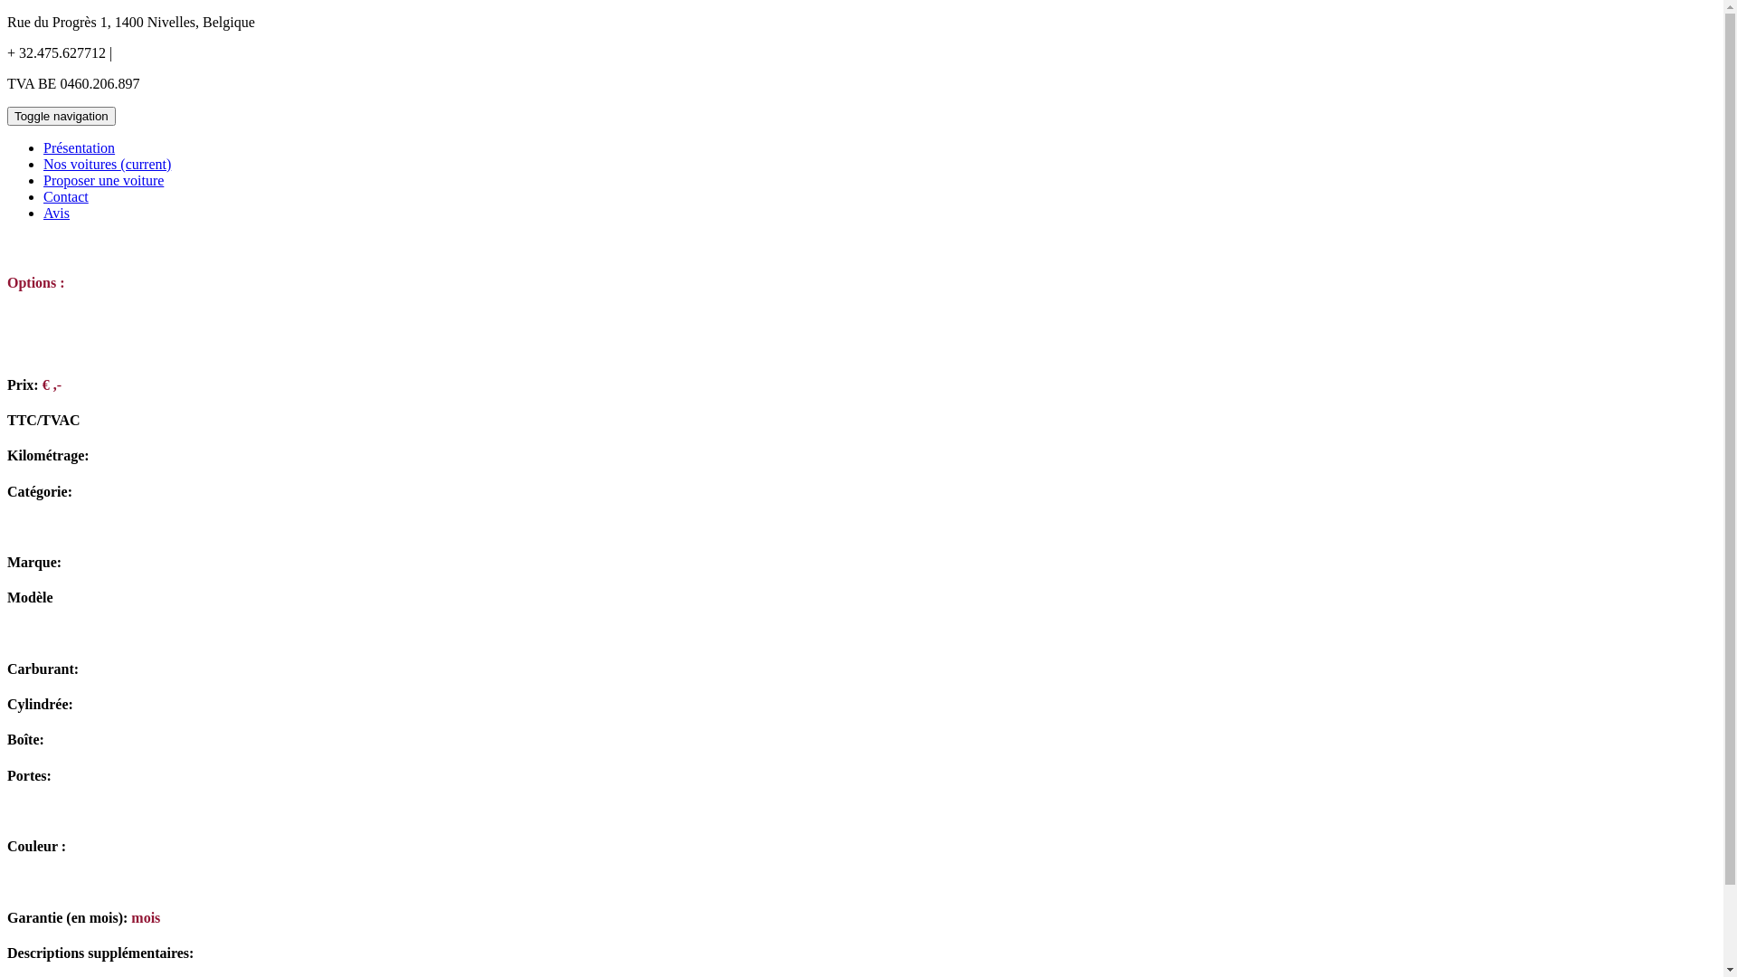  Describe the element at coordinates (65, 196) in the screenshot. I see `'Contact'` at that location.